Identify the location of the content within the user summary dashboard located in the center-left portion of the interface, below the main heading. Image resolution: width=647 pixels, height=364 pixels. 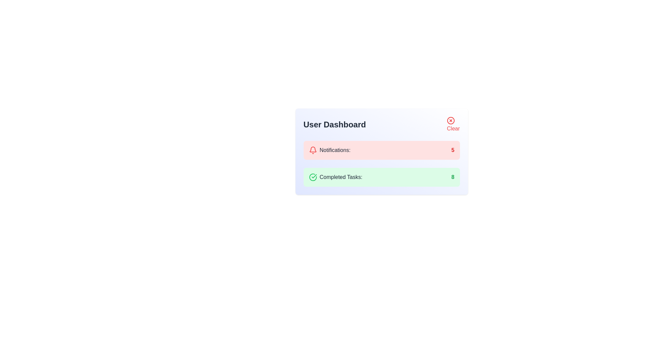
(381, 152).